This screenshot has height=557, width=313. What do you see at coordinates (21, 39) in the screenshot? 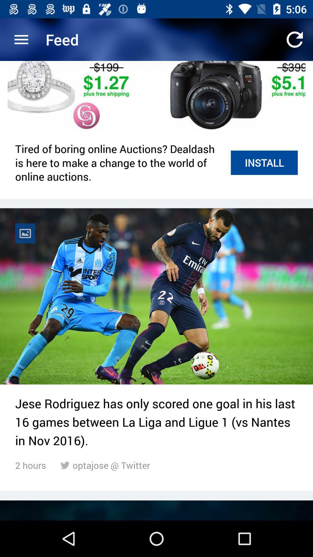
I see `the item next to the feed item` at bounding box center [21, 39].